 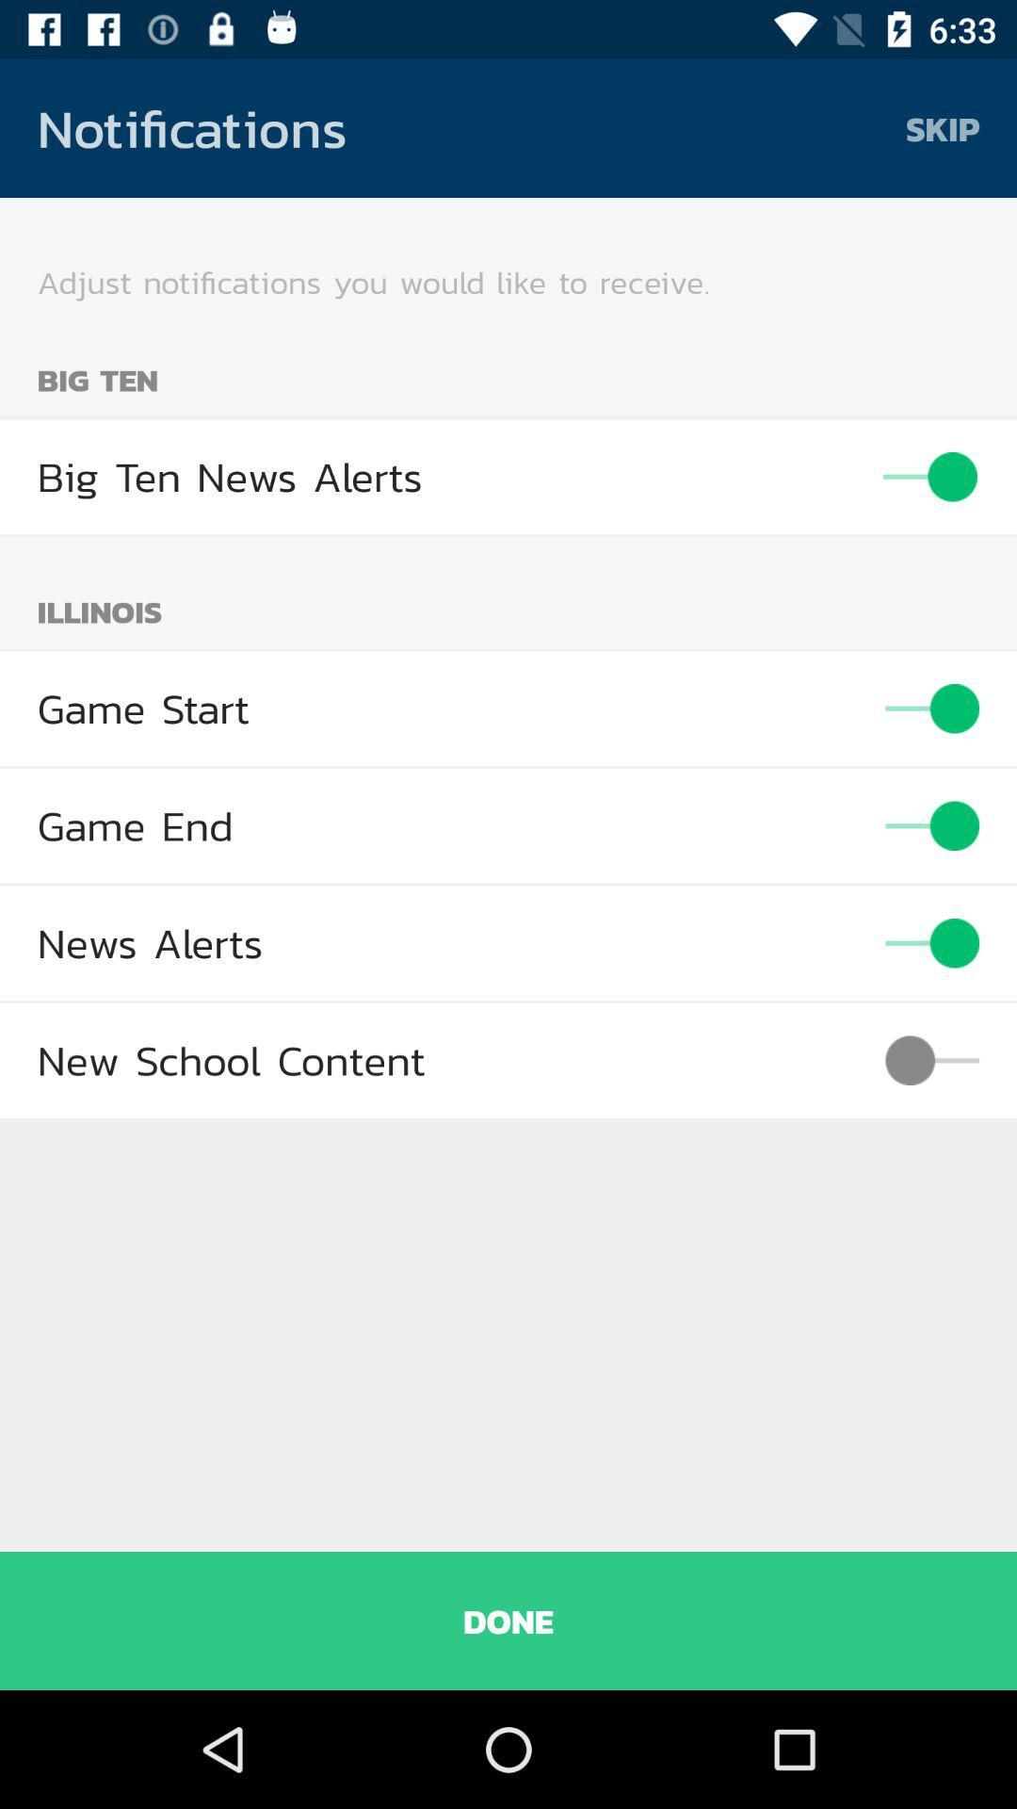 I want to click on the icon next to the notifications, so click(x=943, y=127).